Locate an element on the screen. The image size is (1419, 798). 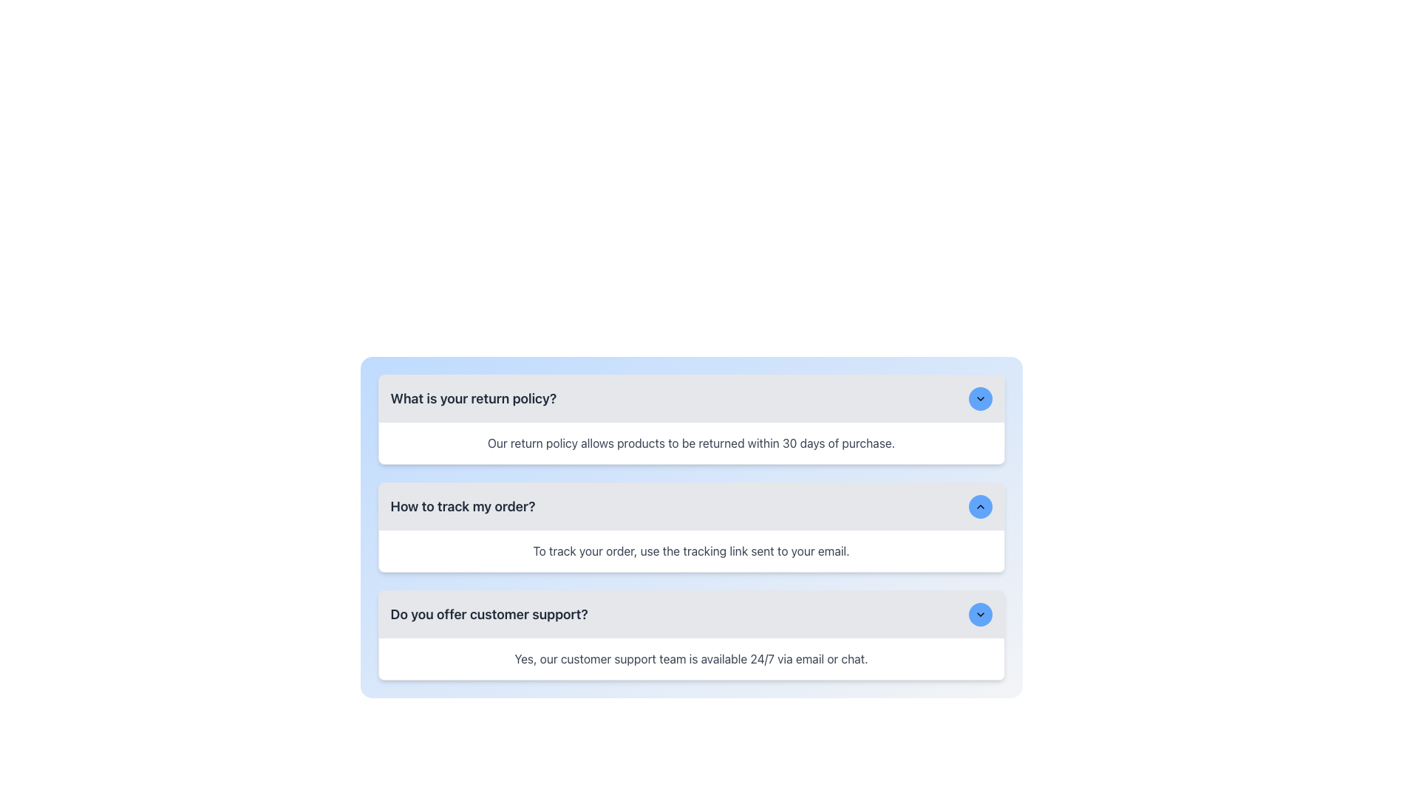
text block displaying 'Yes, our customer support team is available 24/7 via email or chat.' located at the bottom of the third section in the FAQ interface is located at coordinates (690, 658).